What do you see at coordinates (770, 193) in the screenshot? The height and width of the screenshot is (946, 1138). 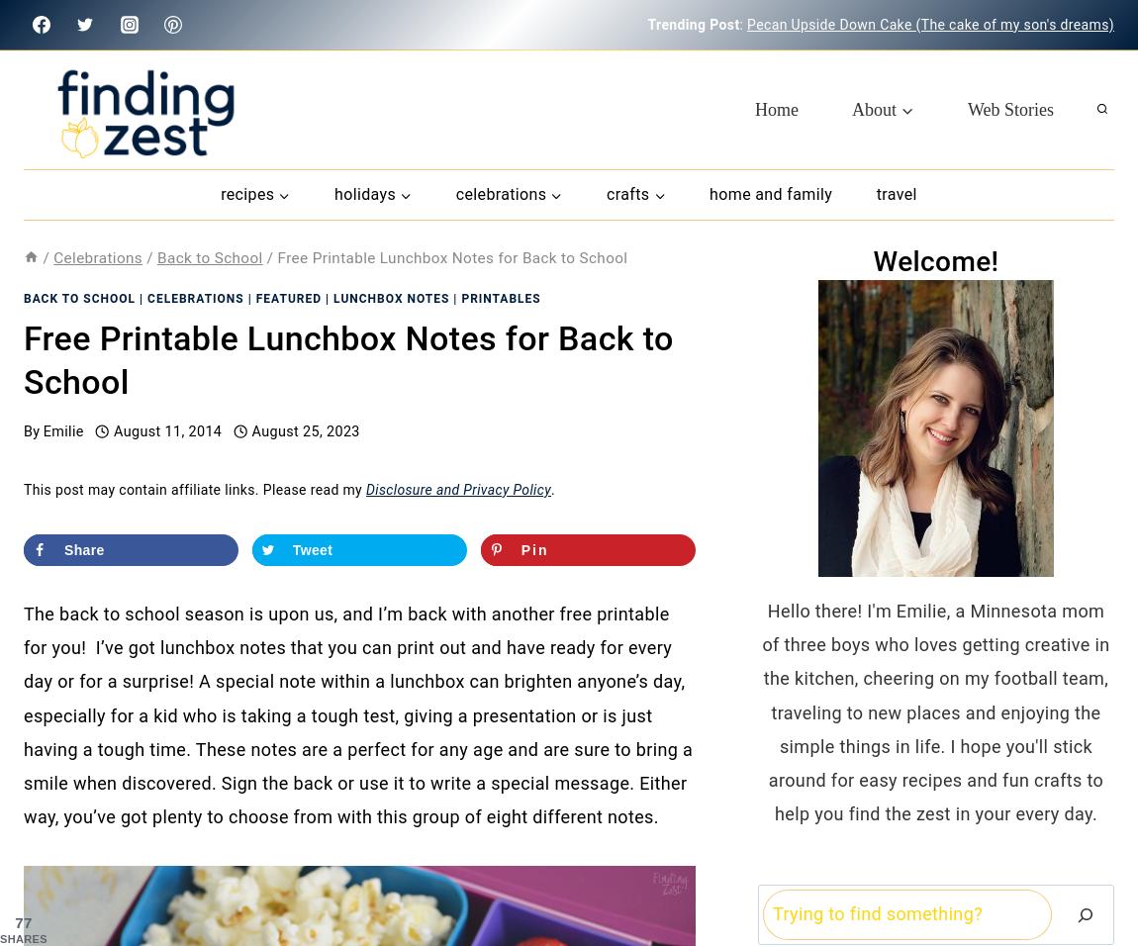 I see `'Home and Family'` at bounding box center [770, 193].